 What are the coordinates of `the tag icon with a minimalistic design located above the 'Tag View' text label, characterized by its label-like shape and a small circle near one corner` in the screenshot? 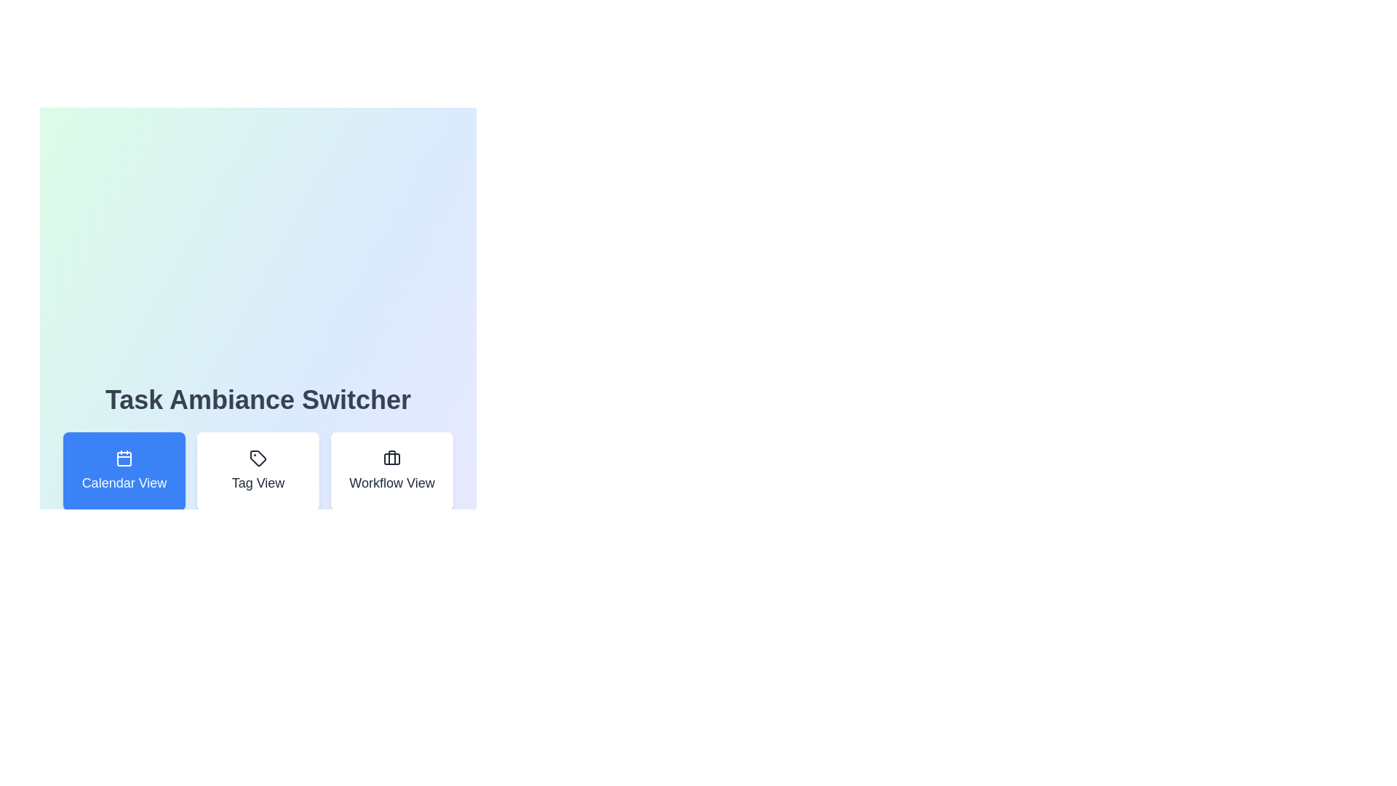 It's located at (258, 457).